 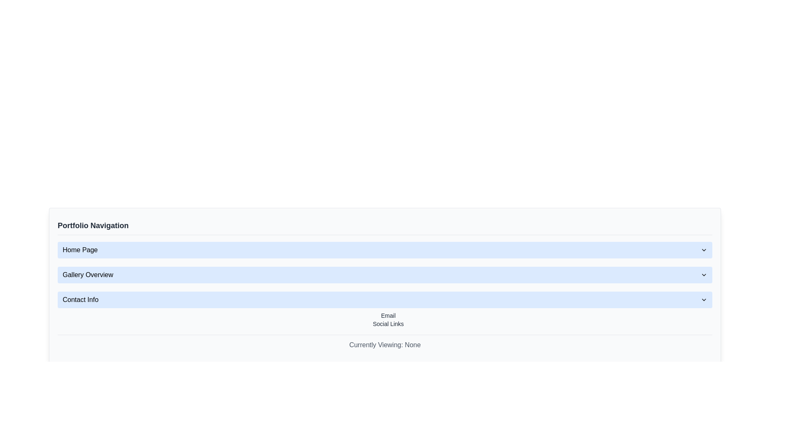 I want to click on the Chevron icon located at the rightmost side of the 'Gallery Overview' section in the 'Portfolio Navigation' menu, so click(x=703, y=275).